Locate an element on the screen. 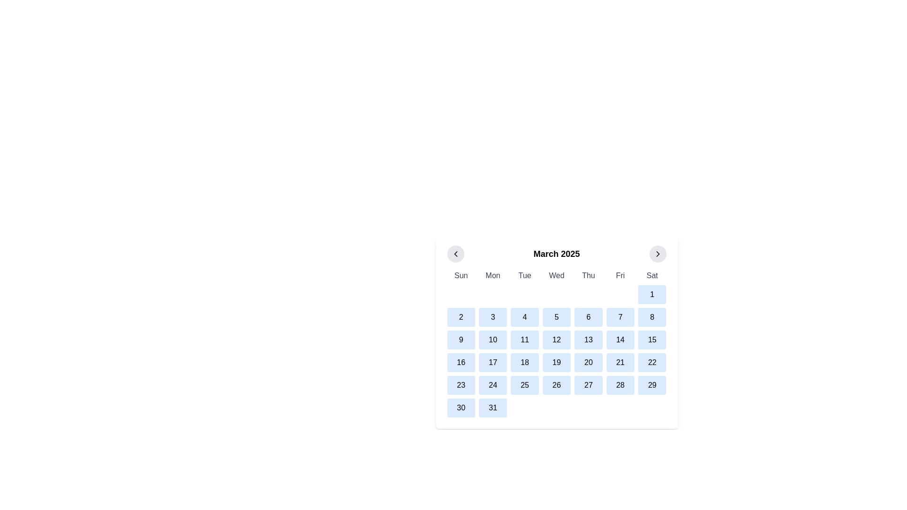 The width and height of the screenshot is (907, 510). the right-facing chevron icon within the circular button located at the top-right corner of the calendar interface is located at coordinates (657, 253).